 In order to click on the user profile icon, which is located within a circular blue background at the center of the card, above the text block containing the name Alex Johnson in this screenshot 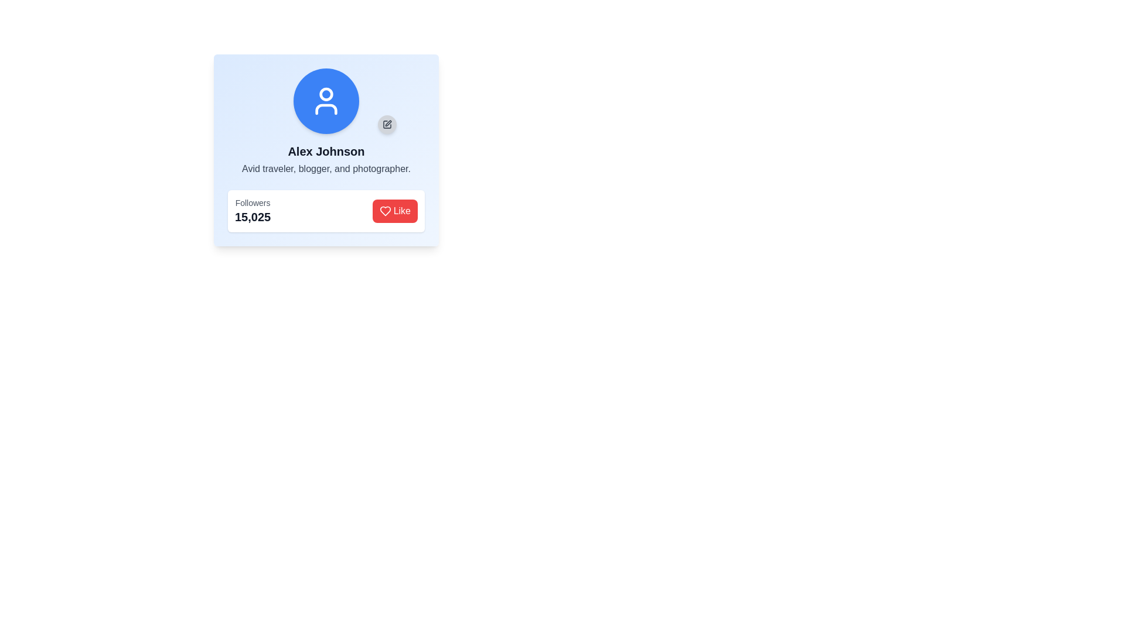, I will do `click(326, 101)`.